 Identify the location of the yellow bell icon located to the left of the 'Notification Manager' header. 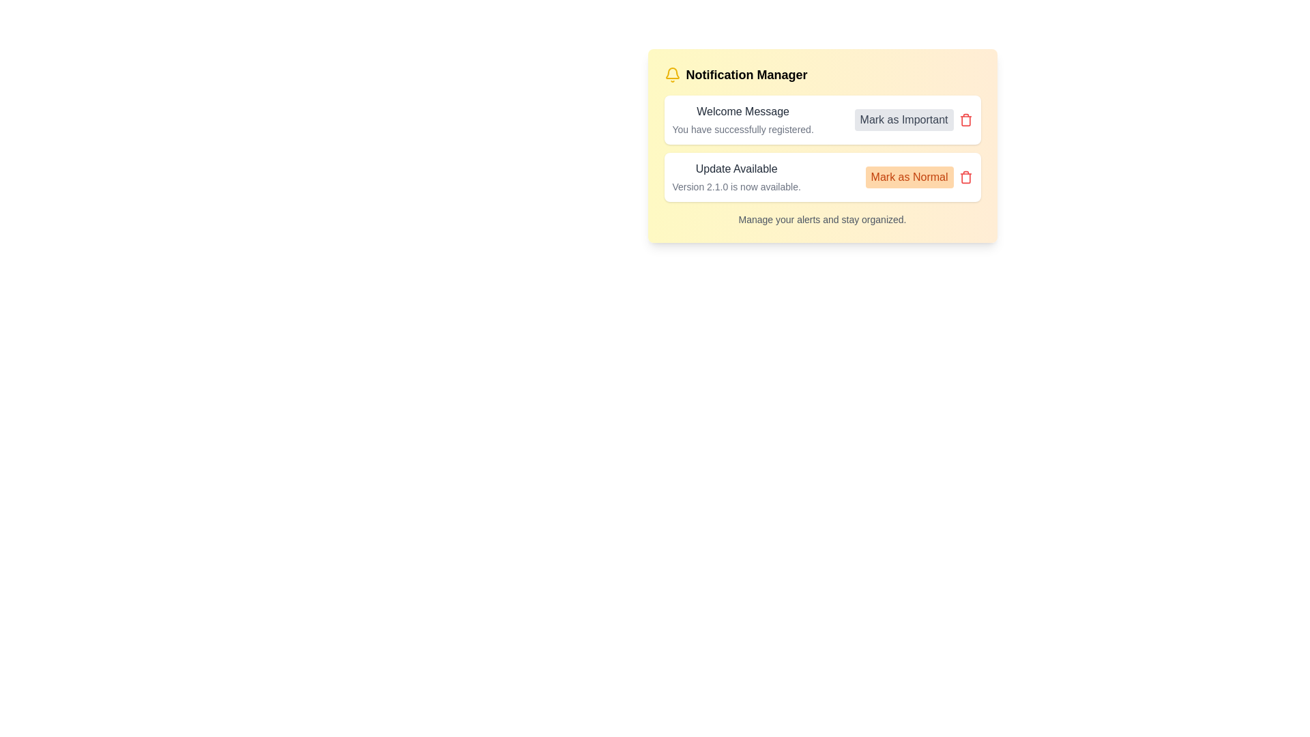
(672, 75).